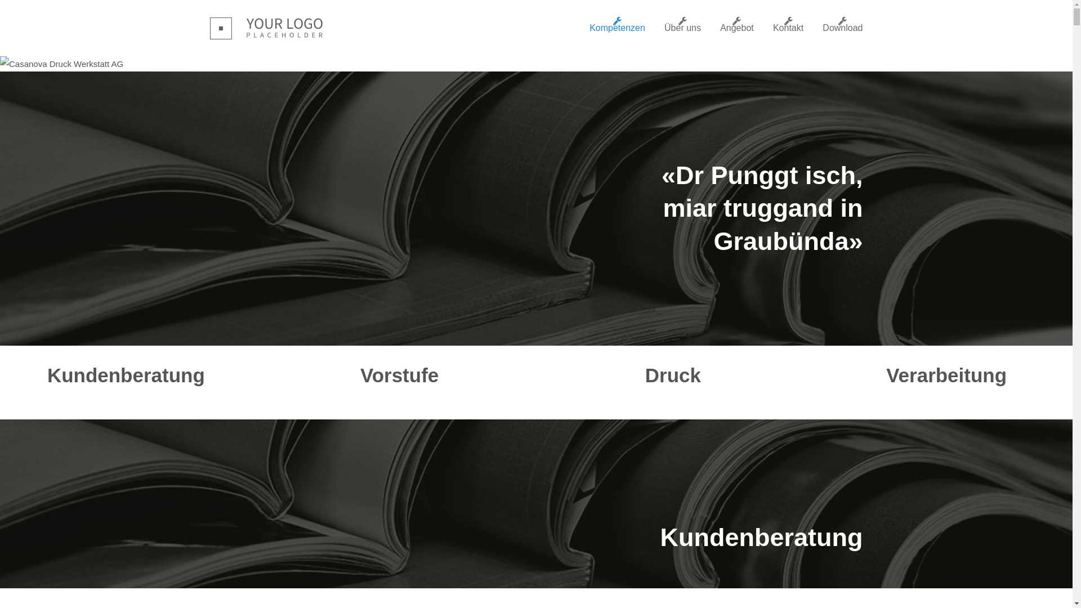  What do you see at coordinates (673, 375) in the screenshot?
I see `'Druck'` at bounding box center [673, 375].